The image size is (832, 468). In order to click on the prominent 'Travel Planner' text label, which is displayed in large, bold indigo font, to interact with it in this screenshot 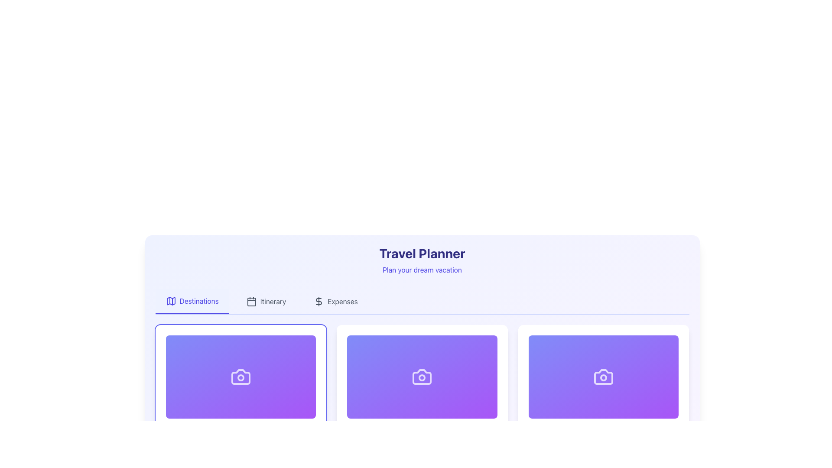, I will do `click(422, 253)`.